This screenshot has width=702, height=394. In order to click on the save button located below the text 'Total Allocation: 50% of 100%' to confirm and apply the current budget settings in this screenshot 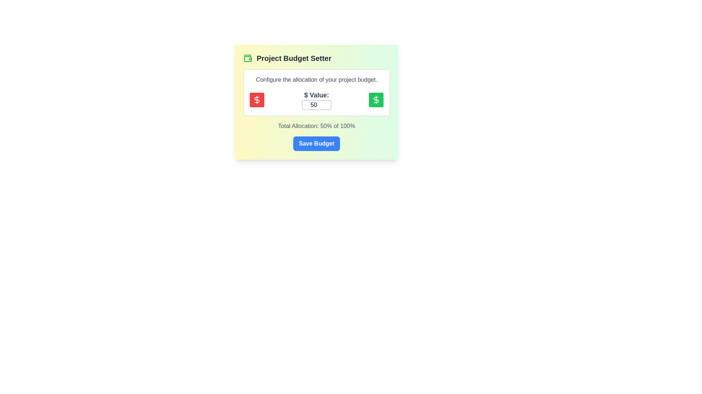, I will do `click(316, 143)`.